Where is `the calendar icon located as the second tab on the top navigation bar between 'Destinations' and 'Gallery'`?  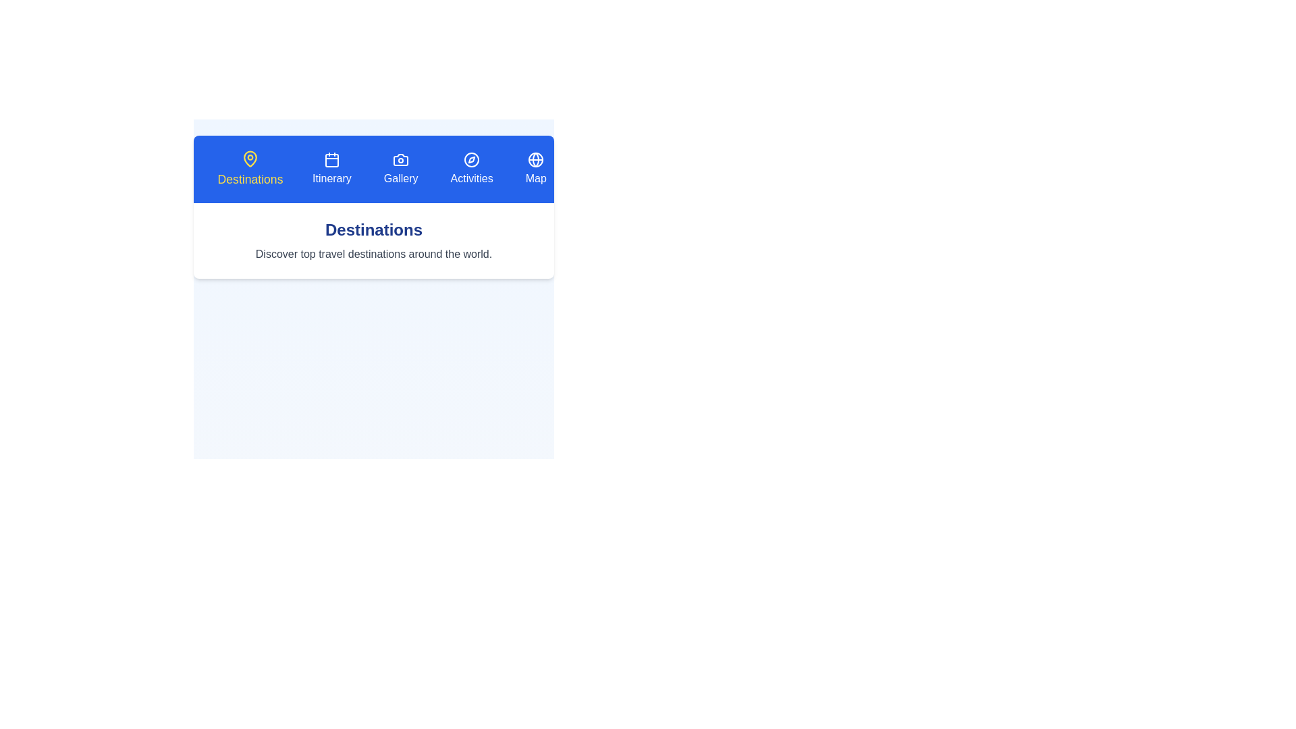
the calendar icon located as the second tab on the top navigation bar between 'Destinations' and 'Gallery' is located at coordinates (331, 159).